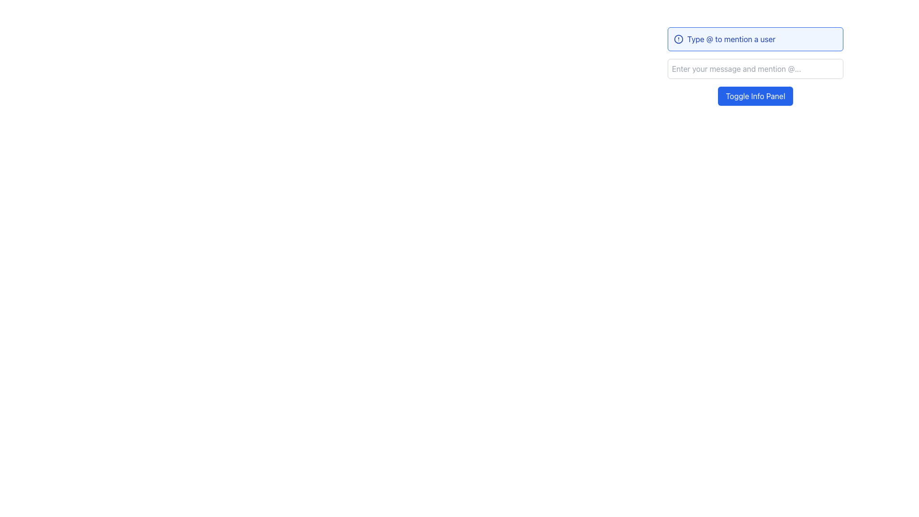 This screenshot has height=517, width=919. What do you see at coordinates (755, 96) in the screenshot?
I see `the rectangular blue button labeled 'Toggle Info Panel' located at the bottom-right corner of the interface` at bounding box center [755, 96].